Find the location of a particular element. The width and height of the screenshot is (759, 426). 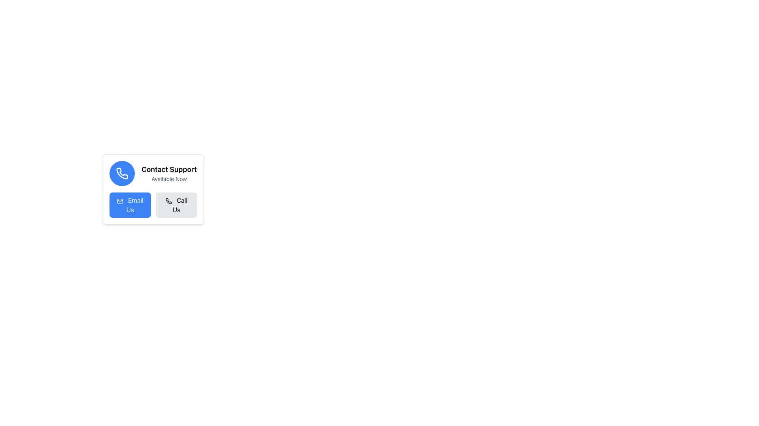

the blue mail envelope icon located to the left of the 'Email Us' button in the 'Contact Support' section to initiate an email interaction is located at coordinates (119, 200).